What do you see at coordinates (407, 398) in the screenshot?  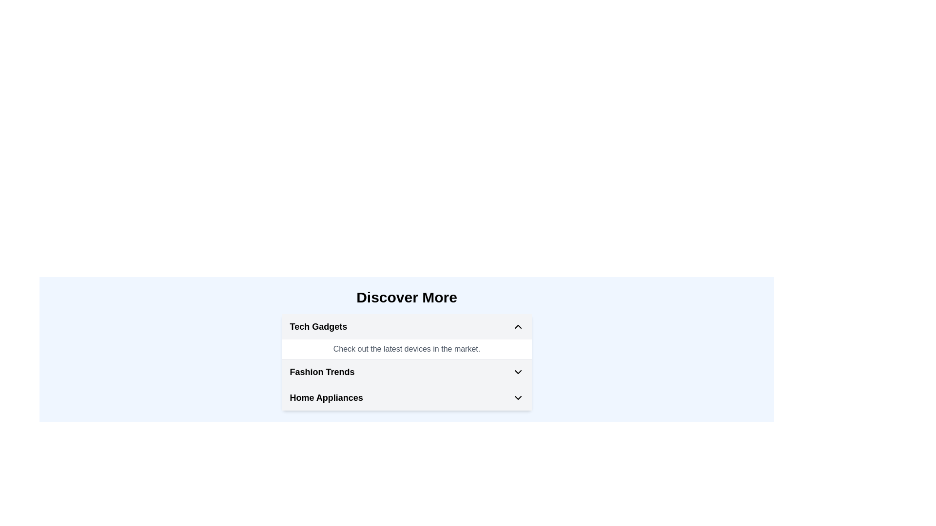 I see `the 'Home Appliances' collapsible list item` at bounding box center [407, 398].